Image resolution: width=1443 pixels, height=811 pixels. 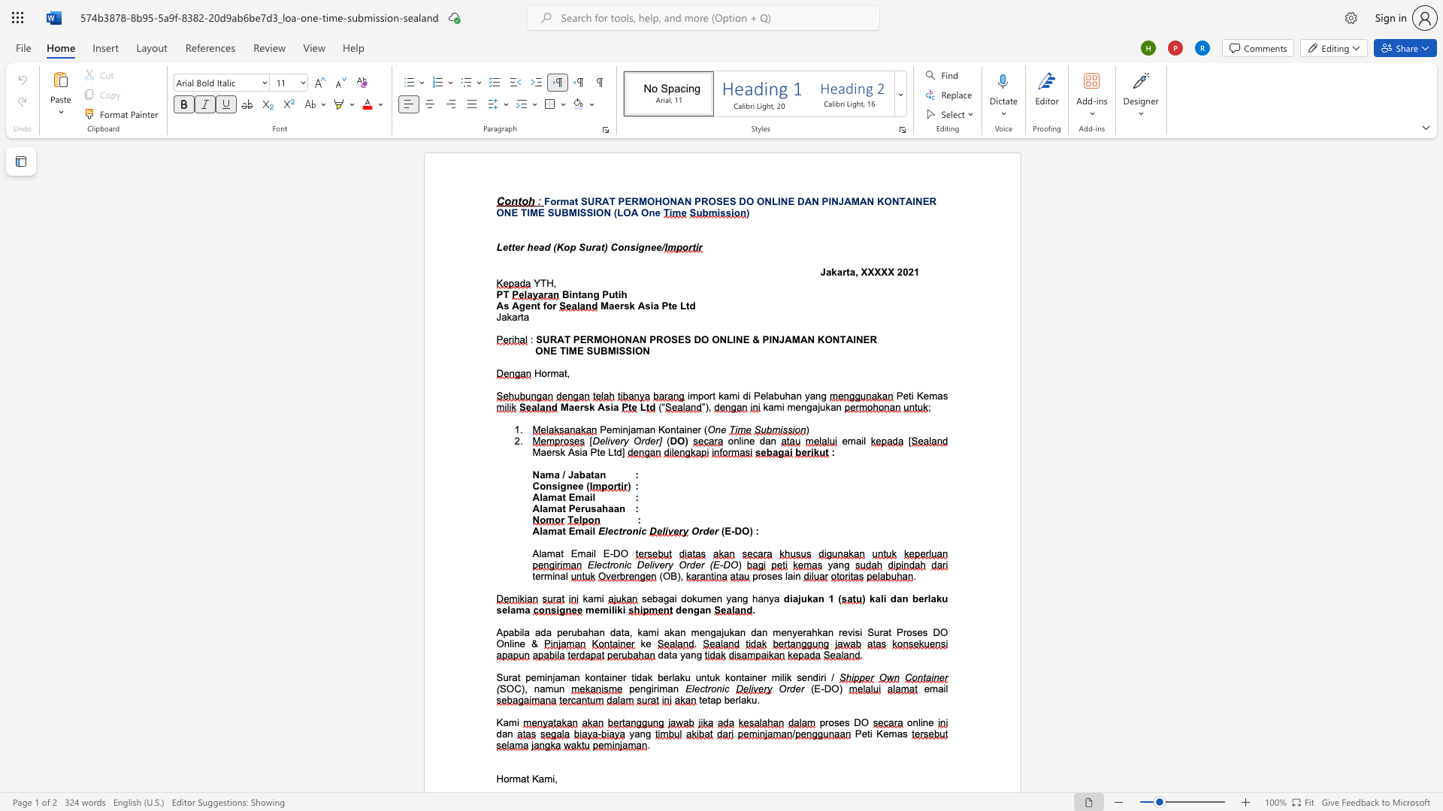 I want to click on the subset text "rde" within the text "Electronic Delivery Order (E-DO", so click(x=685, y=565).